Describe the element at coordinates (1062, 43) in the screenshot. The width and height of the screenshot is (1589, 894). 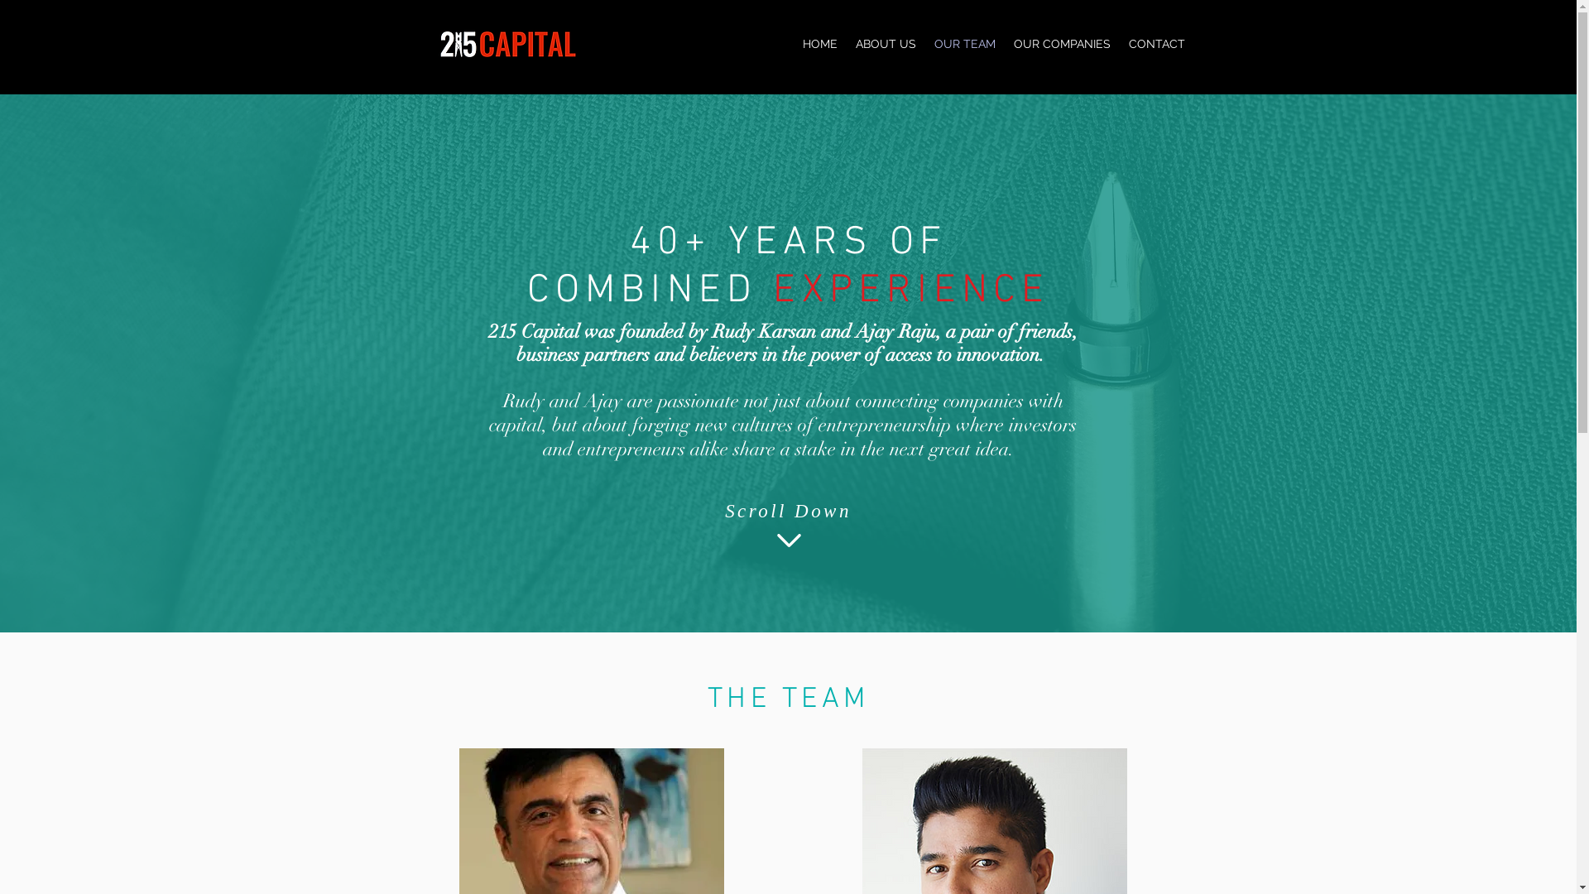
I see `'OUR COMPANIES'` at that location.